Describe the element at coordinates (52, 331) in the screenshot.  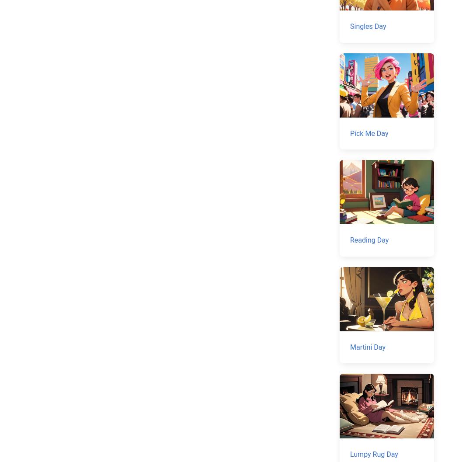
I see `'Email input'` at that location.